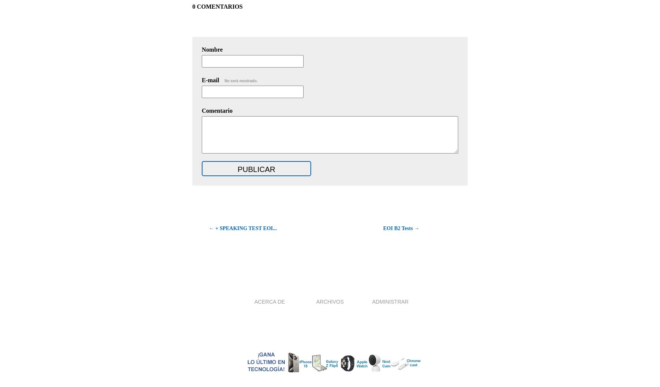 This screenshot has height=387, width=660. What do you see at coordinates (390, 301) in the screenshot?
I see `'Administrar'` at bounding box center [390, 301].